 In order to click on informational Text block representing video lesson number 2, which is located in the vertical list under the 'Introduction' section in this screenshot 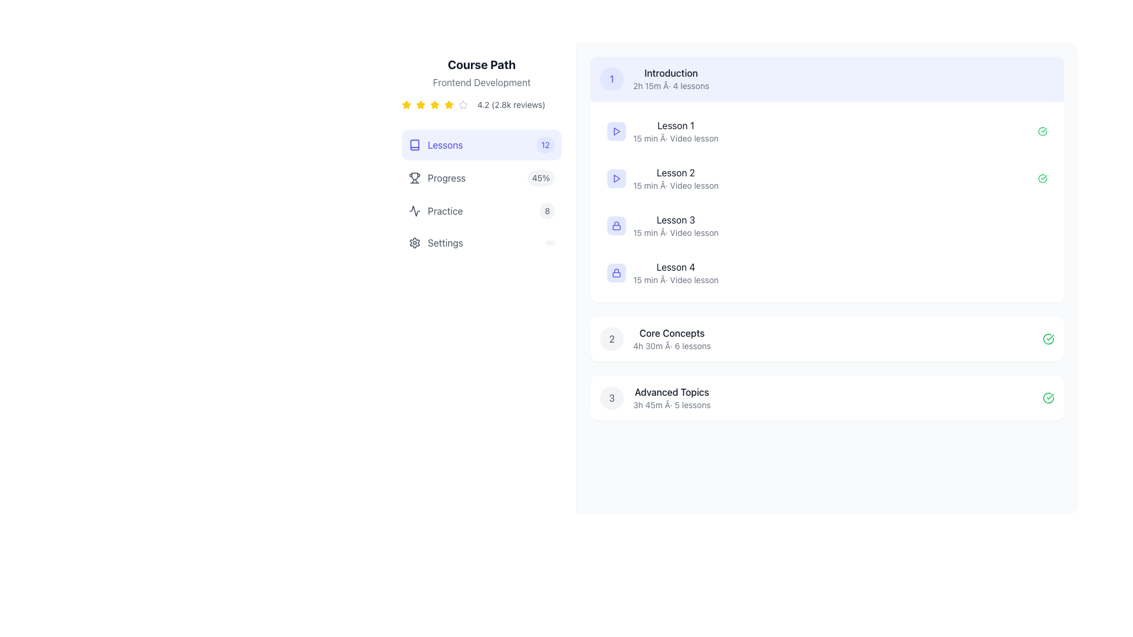, I will do `click(676, 179)`.